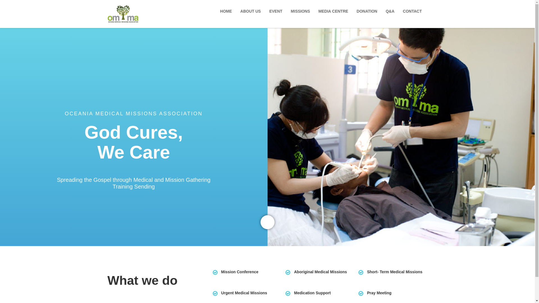 The height and width of the screenshot is (303, 539). I want to click on 'EVENT', so click(277, 11).